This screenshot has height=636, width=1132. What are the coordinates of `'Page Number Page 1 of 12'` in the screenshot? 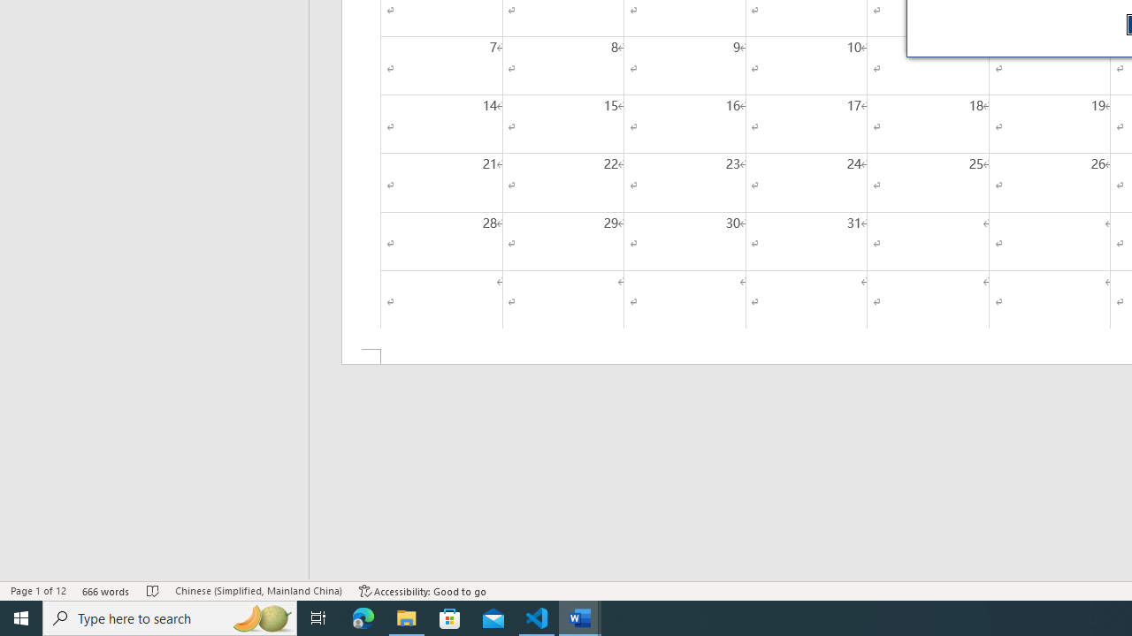 It's located at (38, 591).